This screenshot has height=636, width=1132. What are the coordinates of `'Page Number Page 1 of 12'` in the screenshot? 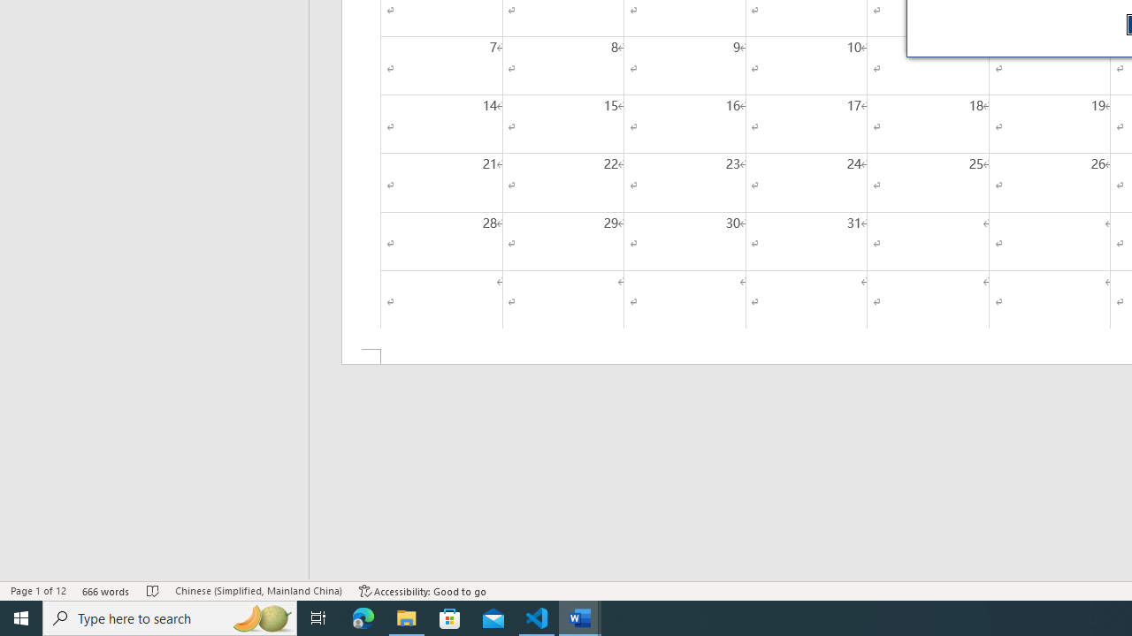 It's located at (38, 591).